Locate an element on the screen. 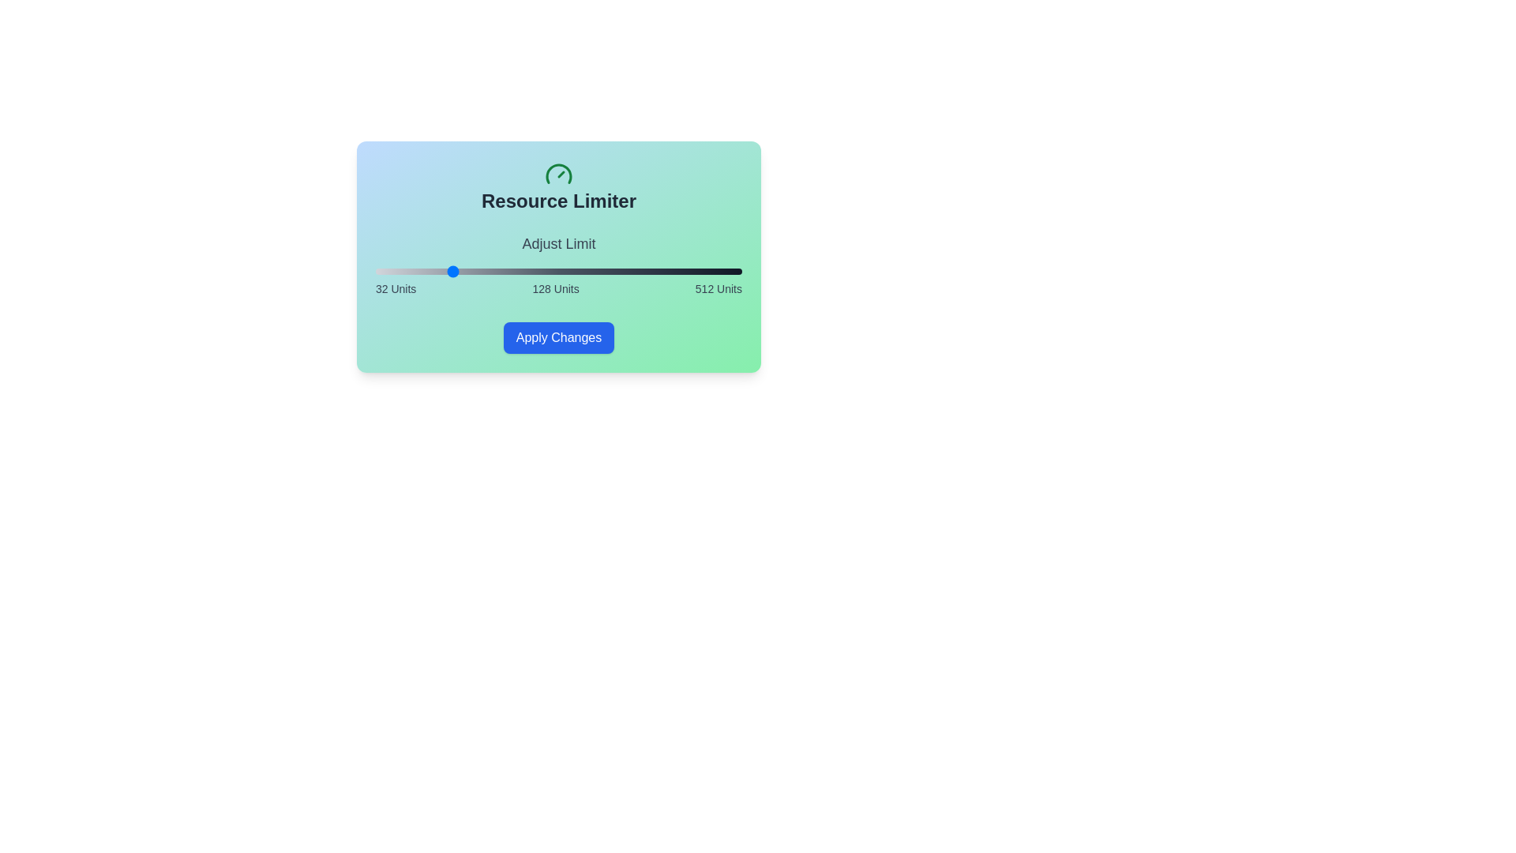 The height and width of the screenshot is (853, 1516). the 'Apply Changes' button is located at coordinates (558, 337).